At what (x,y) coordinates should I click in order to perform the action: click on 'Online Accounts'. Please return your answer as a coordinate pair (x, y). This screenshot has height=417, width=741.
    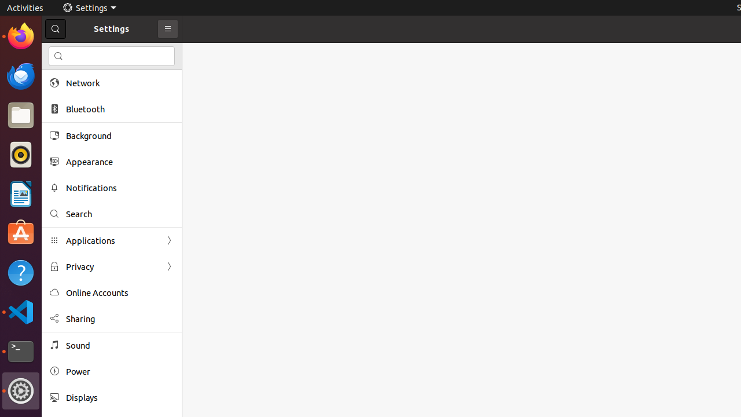
    Looking at the image, I should click on (119, 292).